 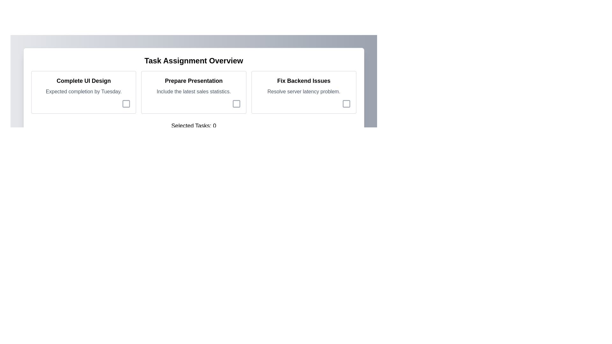 What do you see at coordinates (193, 92) in the screenshot?
I see `the task card labeled 'Prepare Presentation'` at bounding box center [193, 92].